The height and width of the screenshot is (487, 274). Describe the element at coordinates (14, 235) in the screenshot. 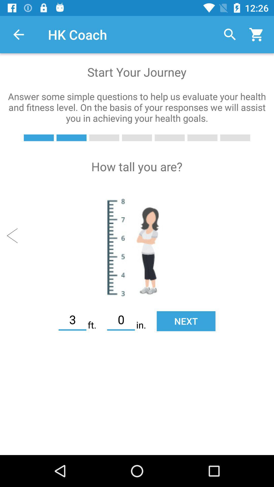

I see `go back` at that location.